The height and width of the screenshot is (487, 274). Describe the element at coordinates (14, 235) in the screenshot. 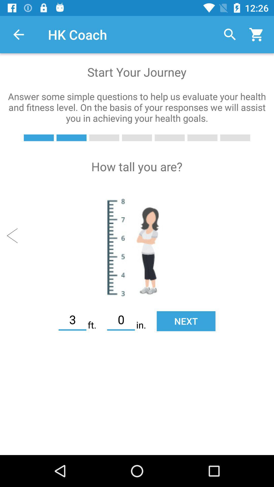

I see `go back` at that location.